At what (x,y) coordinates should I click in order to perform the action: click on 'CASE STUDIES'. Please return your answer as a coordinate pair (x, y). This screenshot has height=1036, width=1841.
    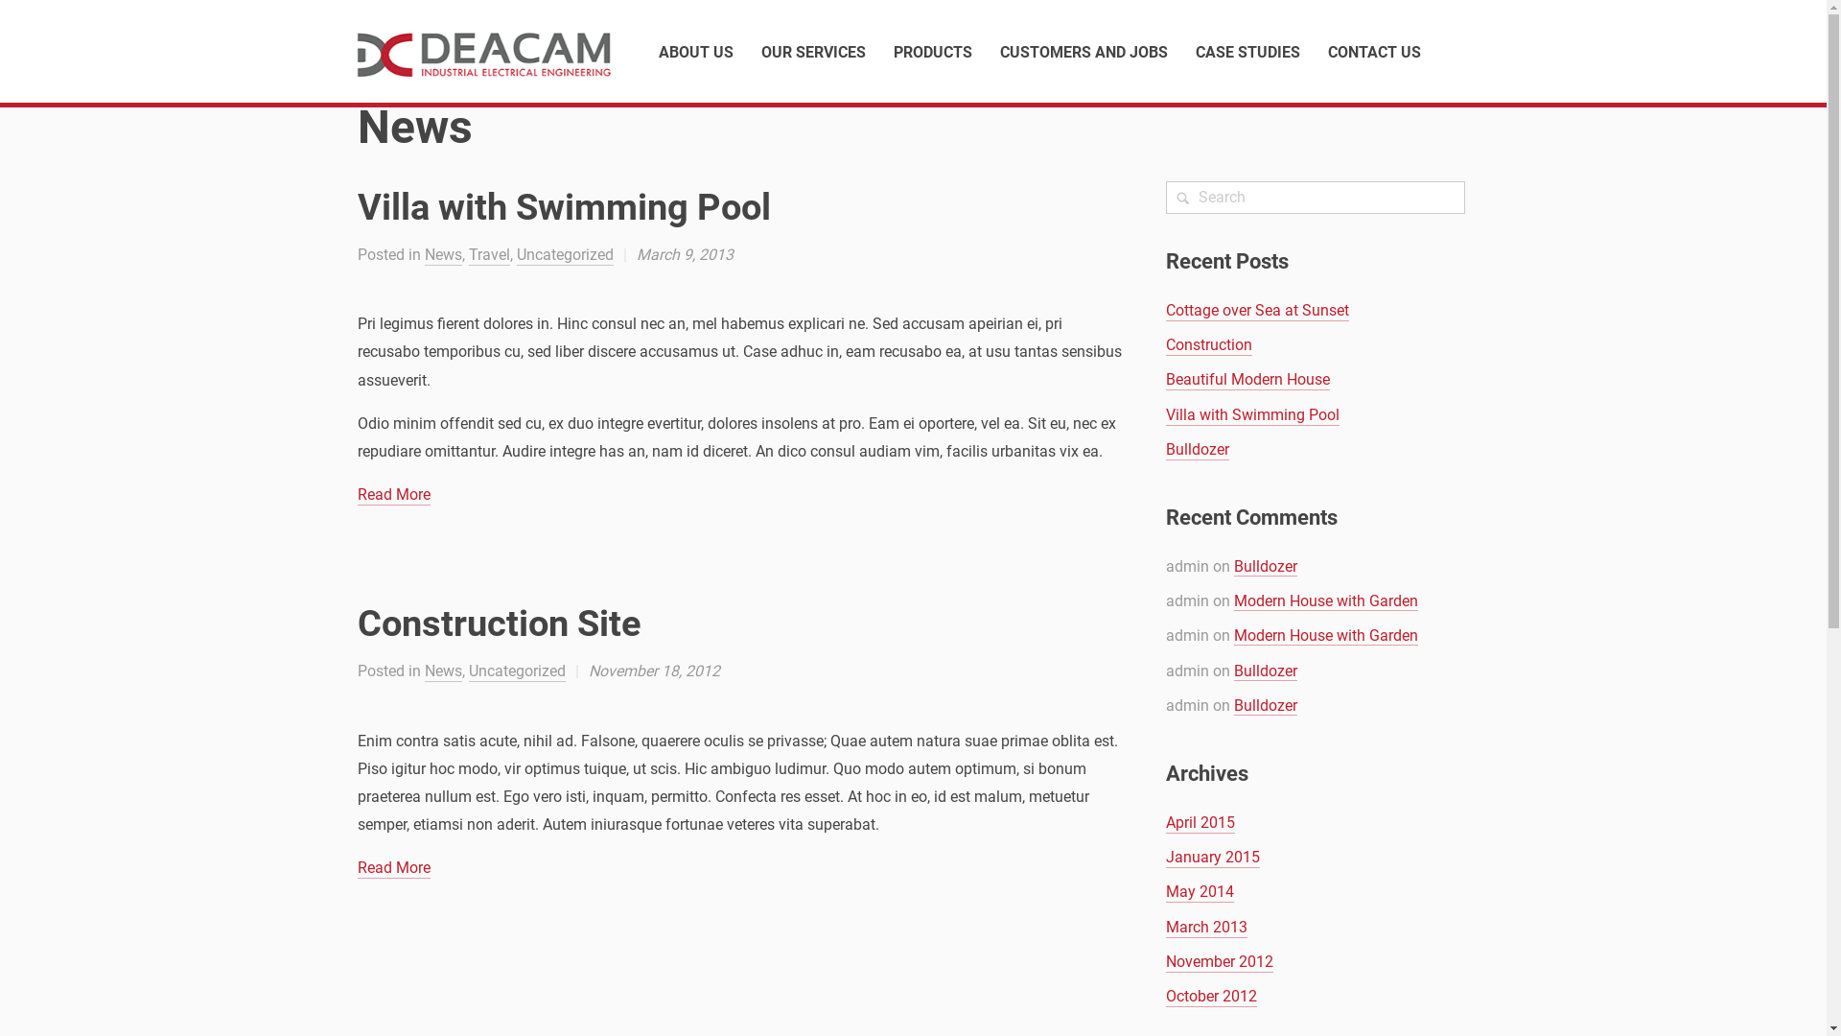
    Looking at the image, I should click on (1247, 51).